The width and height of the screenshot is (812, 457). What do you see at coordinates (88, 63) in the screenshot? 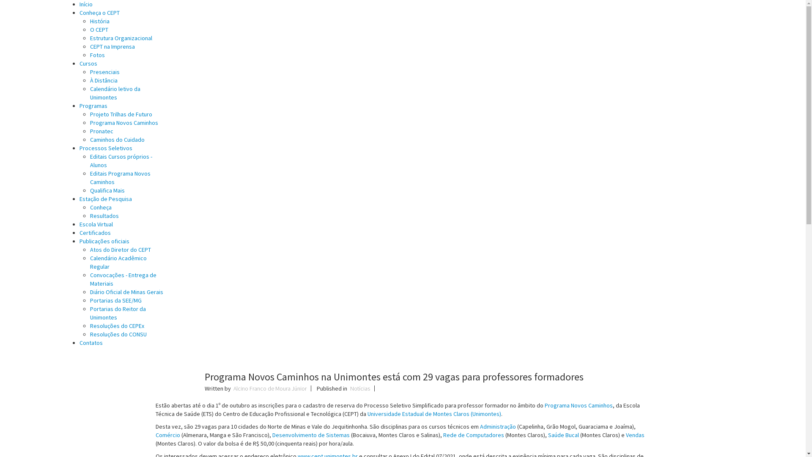
I see `'Cursos'` at bounding box center [88, 63].